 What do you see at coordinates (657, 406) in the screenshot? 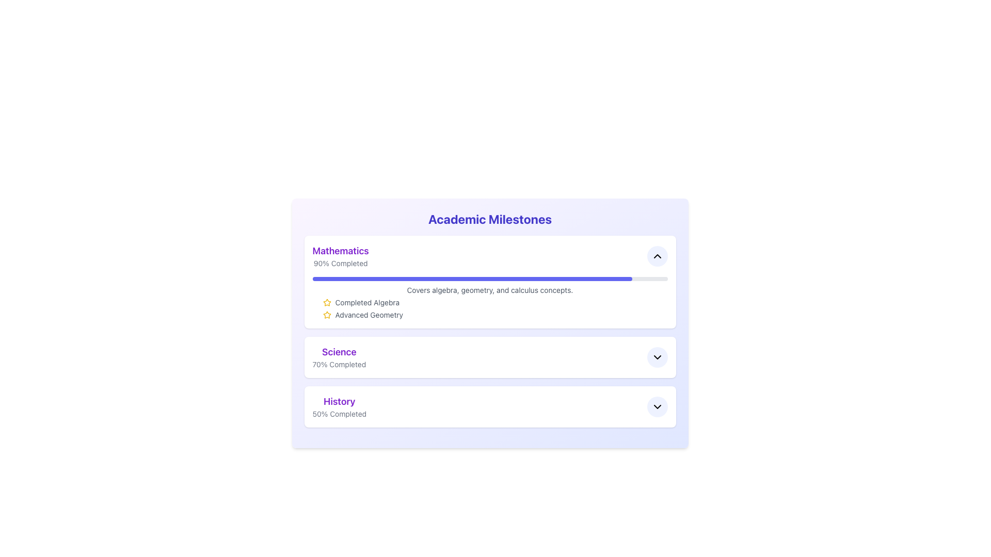
I see `the downward-facing chevron icon within the light indigo circular button located in the 'History' section of the list` at bounding box center [657, 406].